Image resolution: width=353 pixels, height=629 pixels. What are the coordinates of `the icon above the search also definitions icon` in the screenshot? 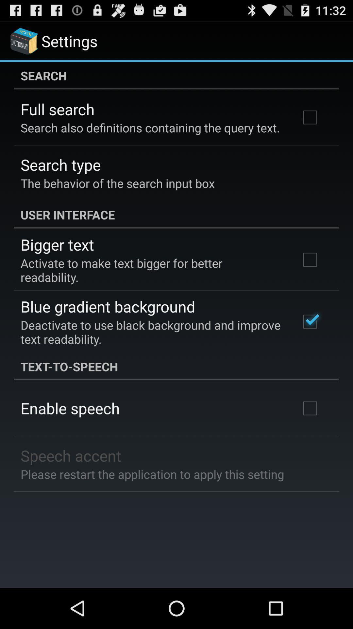 It's located at (57, 109).